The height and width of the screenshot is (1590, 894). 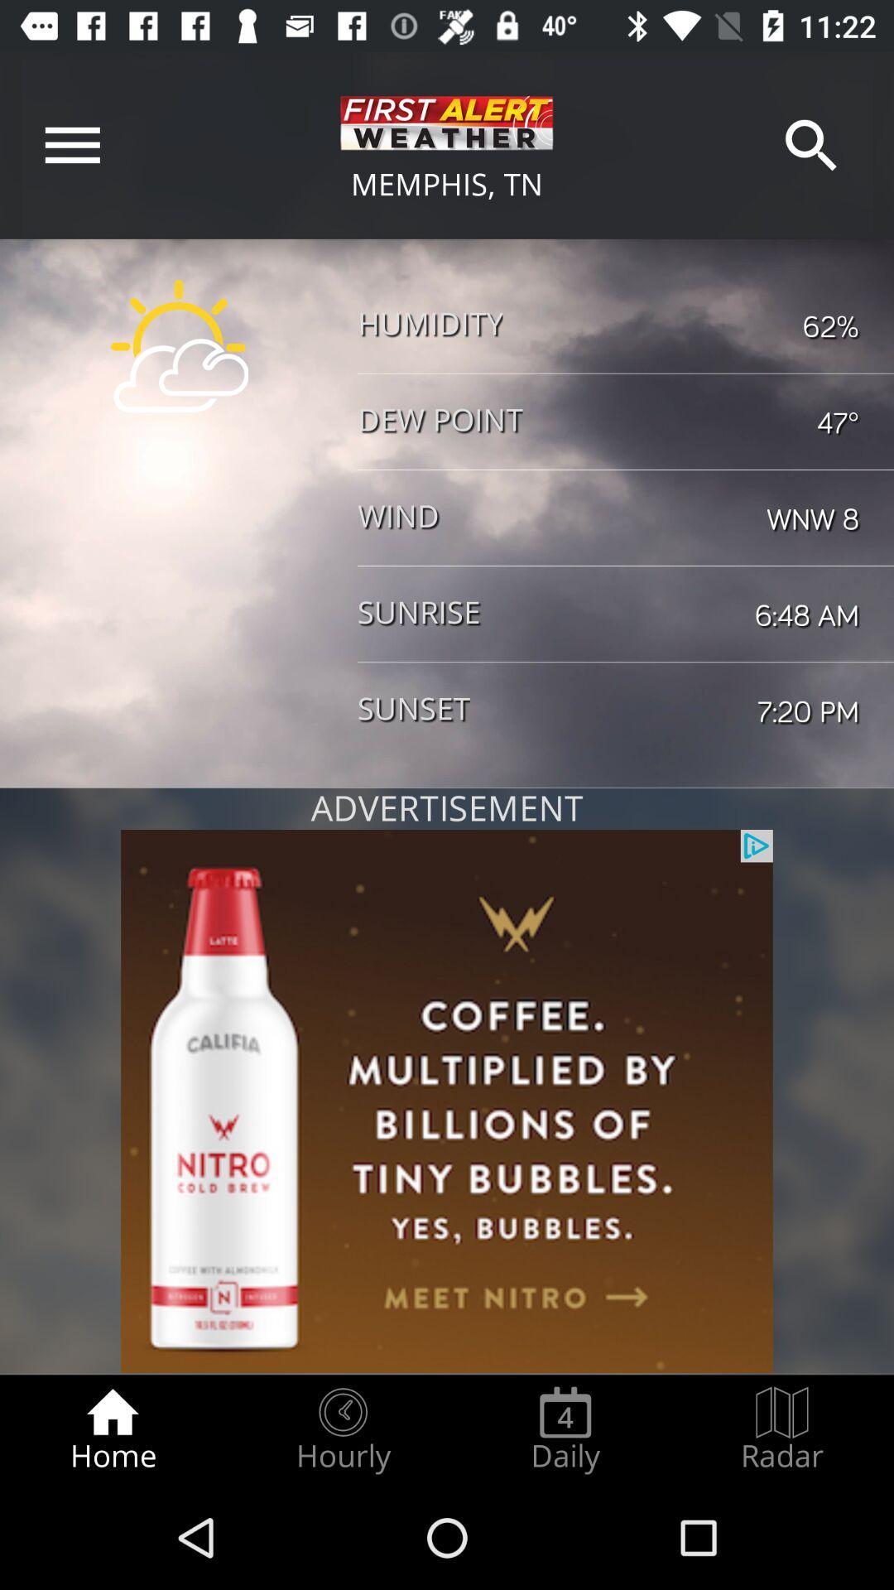 I want to click on the radar radio button, so click(x=782, y=1429).